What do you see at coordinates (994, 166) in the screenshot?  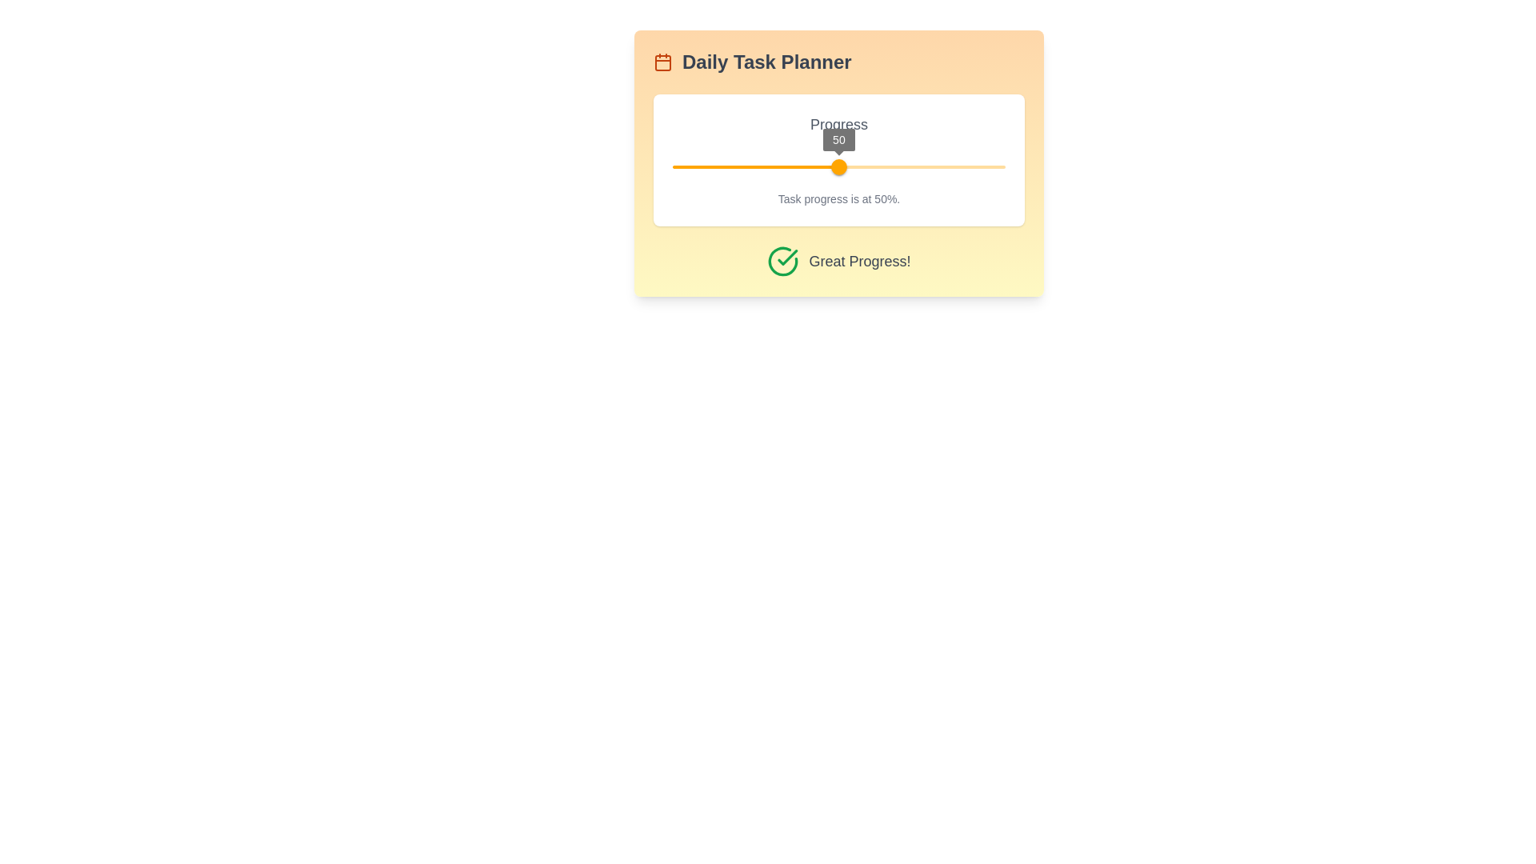 I see `the progress value` at bounding box center [994, 166].